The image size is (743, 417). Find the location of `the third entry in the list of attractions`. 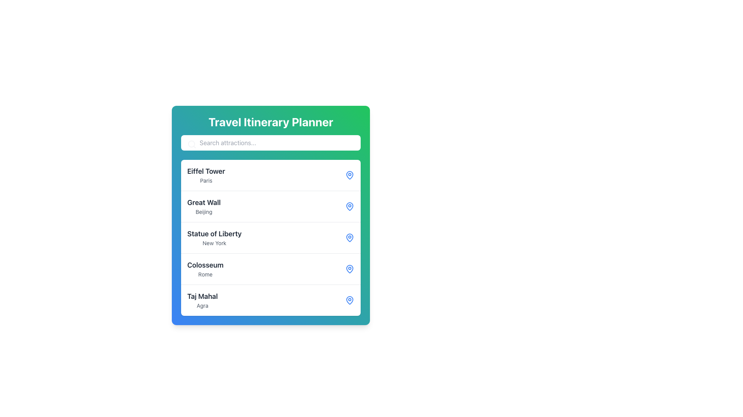

the third entry in the list of attractions is located at coordinates (271, 237).